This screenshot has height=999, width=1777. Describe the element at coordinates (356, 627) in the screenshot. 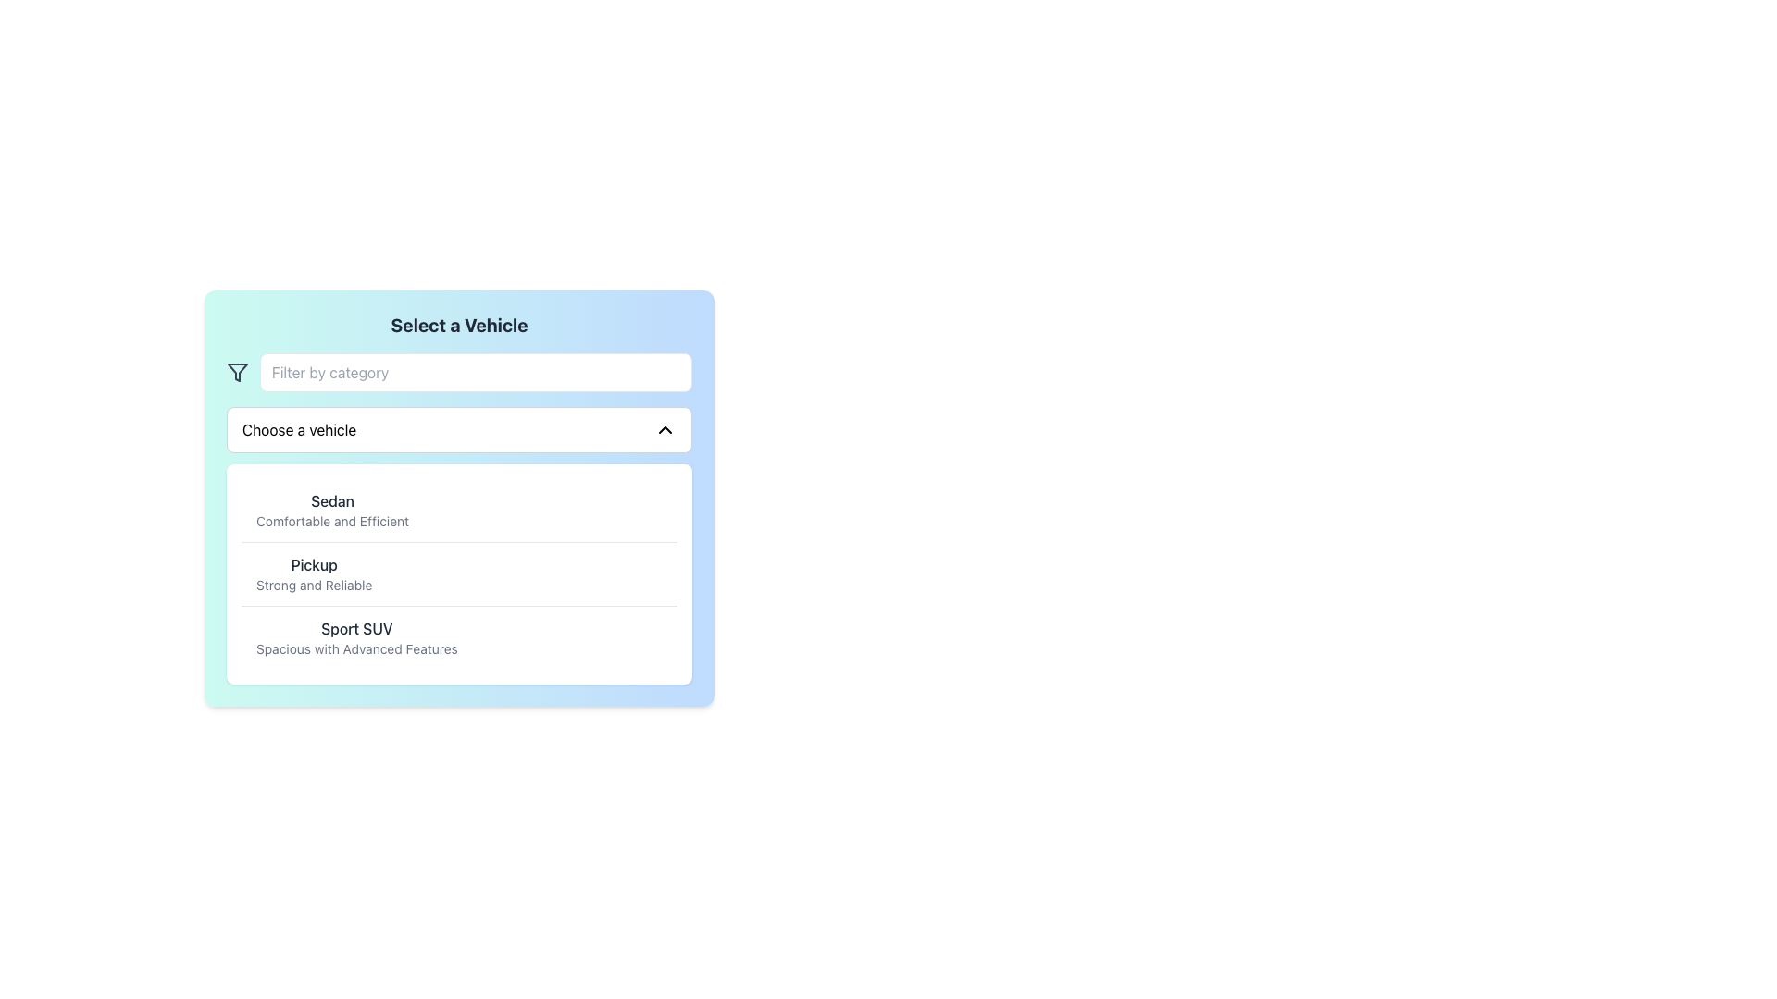

I see `the text label that displays the title or name of the vehicle type, located below the search bar and other vehicle types in the middle section of the interface` at that location.